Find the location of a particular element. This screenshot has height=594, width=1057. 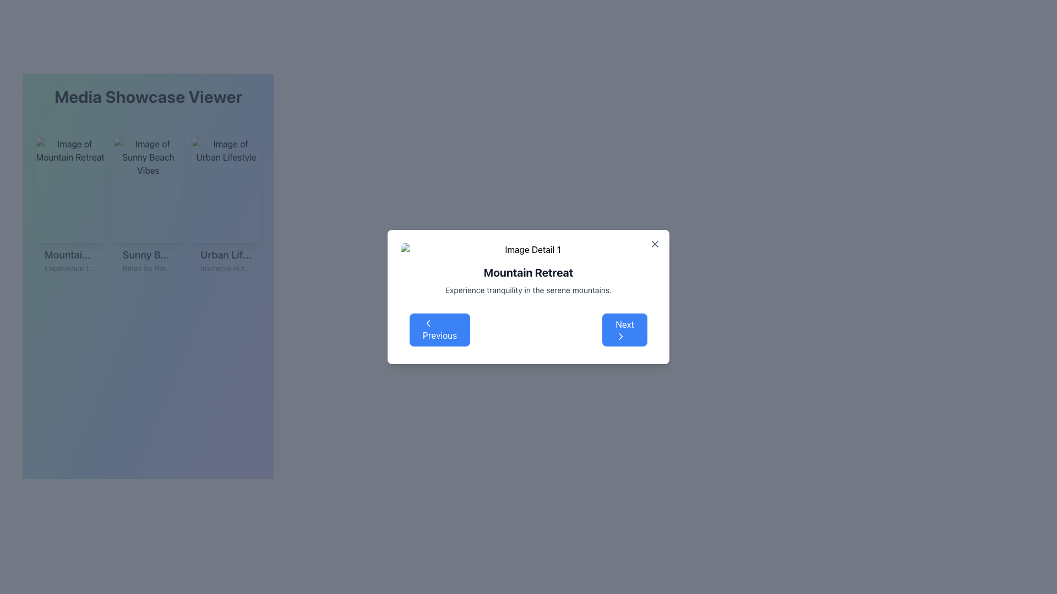

text content of the 'Urban Lifestyle' label located at the top section of the third card in a group of three cards, which is displayed in large, bold, gray font is located at coordinates (226, 255).